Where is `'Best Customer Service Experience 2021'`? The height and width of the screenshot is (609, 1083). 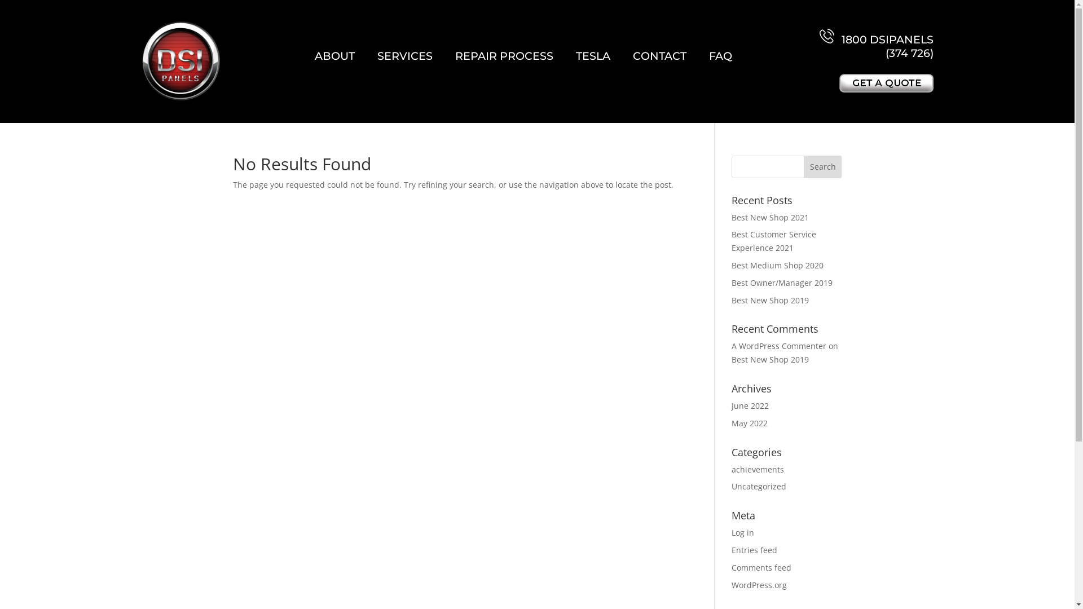
'Best Customer Service Experience 2021' is located at coordinates (773, 240).